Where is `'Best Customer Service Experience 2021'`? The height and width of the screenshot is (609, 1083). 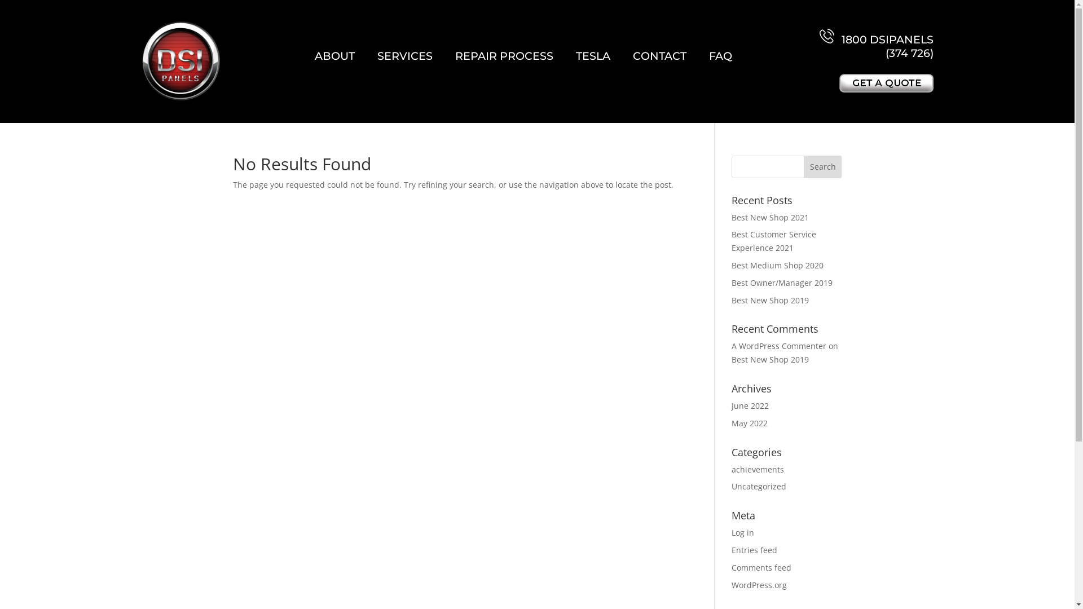
'Best Customer Service Experience 2021' is located at coordinates (773, 240).